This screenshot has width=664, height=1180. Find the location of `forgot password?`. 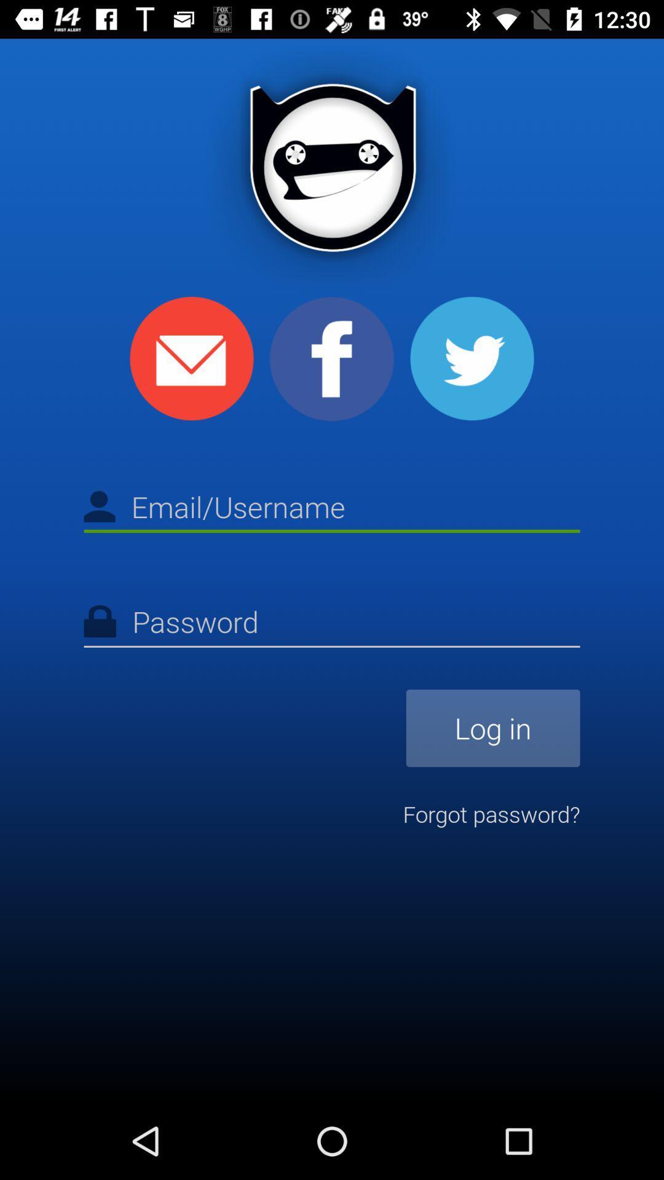

forgot password? is located at coordinates (491, 814).